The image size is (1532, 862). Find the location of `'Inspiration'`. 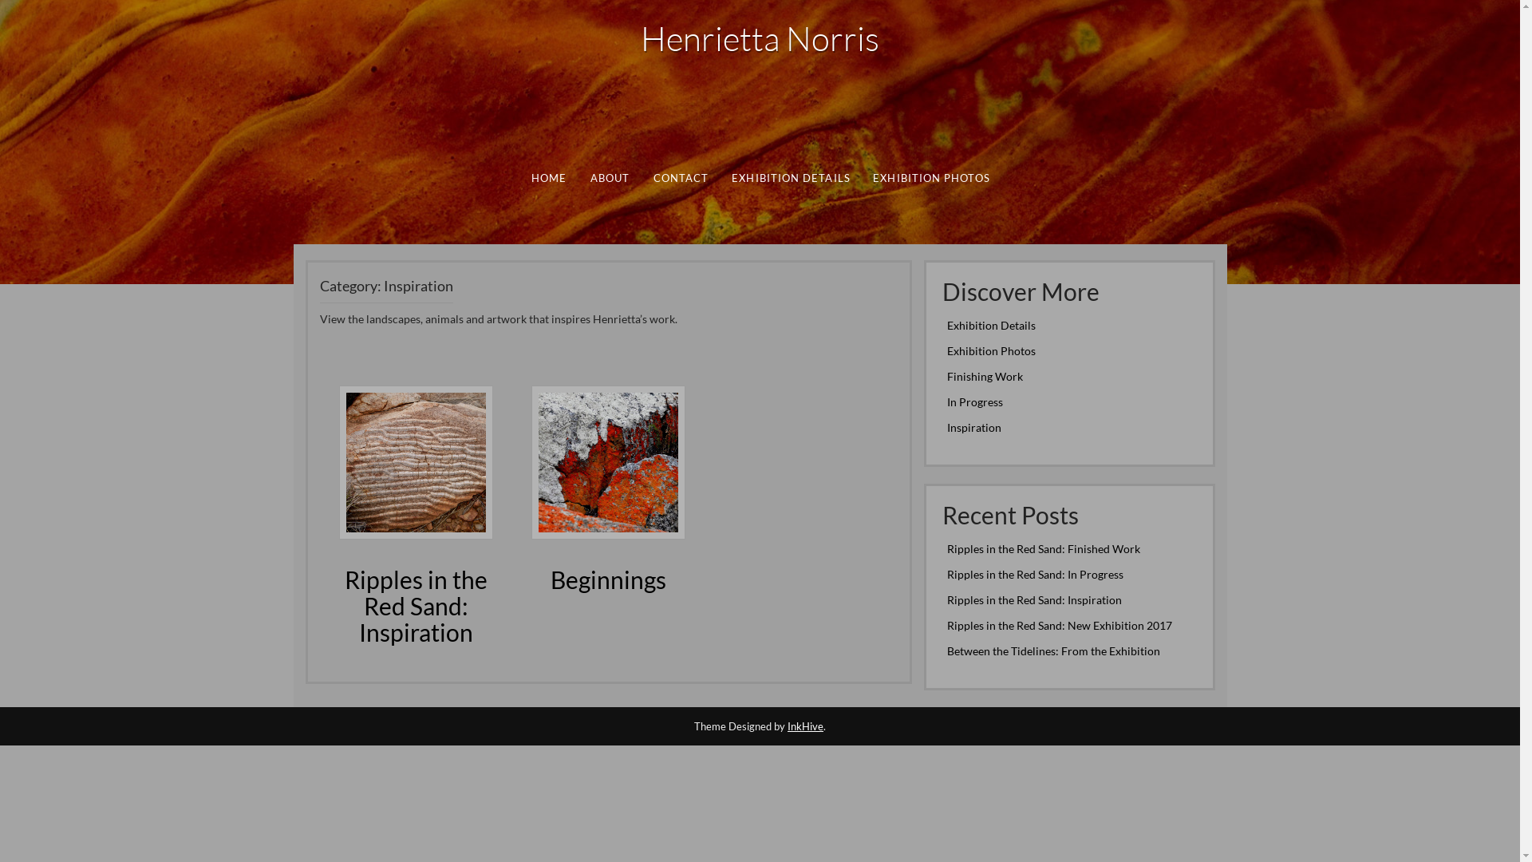

'Inspiration' is located at coordinates (946, 426).